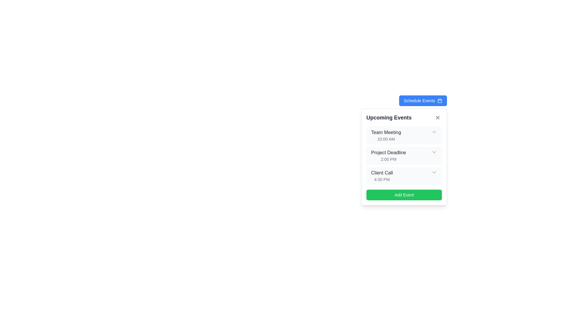 The height and width of the screenshot is (321, 571). I want to click on the Dropdown trigger icon in the 'Client Call' section of the 'Upcoming Events' list, so click(434, 172).